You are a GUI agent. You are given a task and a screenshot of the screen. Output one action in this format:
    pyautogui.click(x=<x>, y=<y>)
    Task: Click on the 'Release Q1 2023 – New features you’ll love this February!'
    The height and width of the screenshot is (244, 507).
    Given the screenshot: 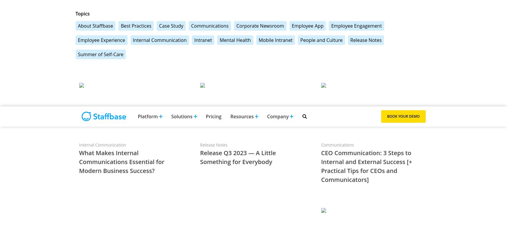 What is the action you would take?
    pyautogui.click(x=245, y=154)
    